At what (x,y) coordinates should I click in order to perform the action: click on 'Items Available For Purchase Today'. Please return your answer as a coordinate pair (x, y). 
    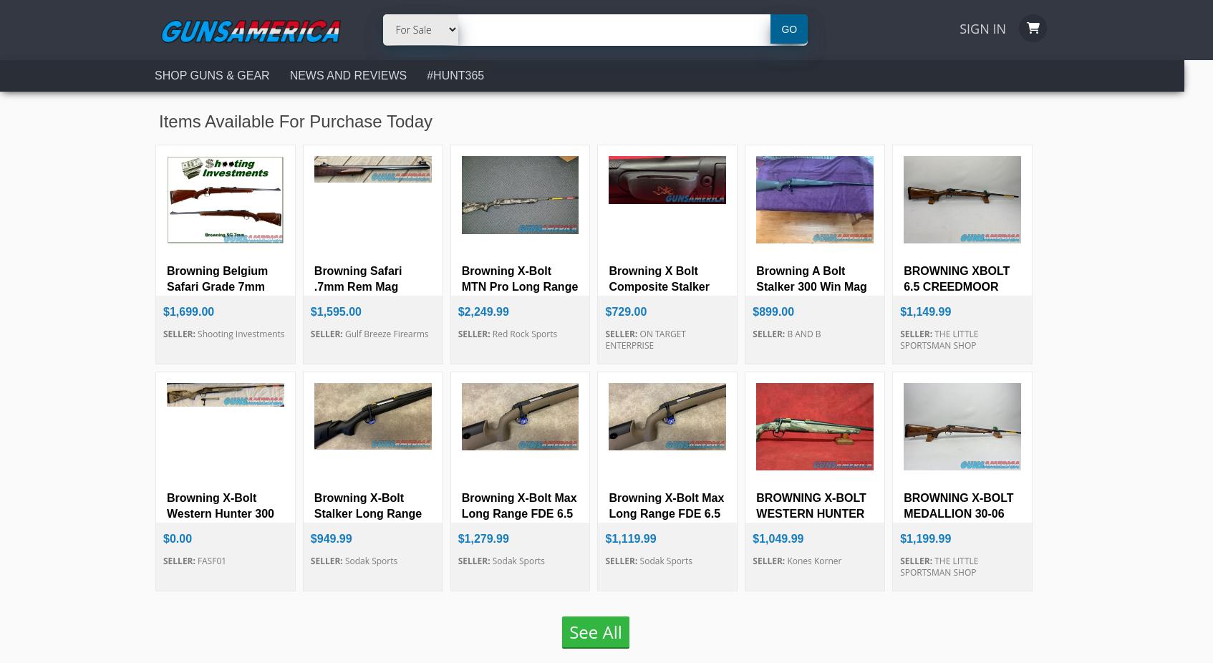
    Looking at the image, I should click on (294, 120).